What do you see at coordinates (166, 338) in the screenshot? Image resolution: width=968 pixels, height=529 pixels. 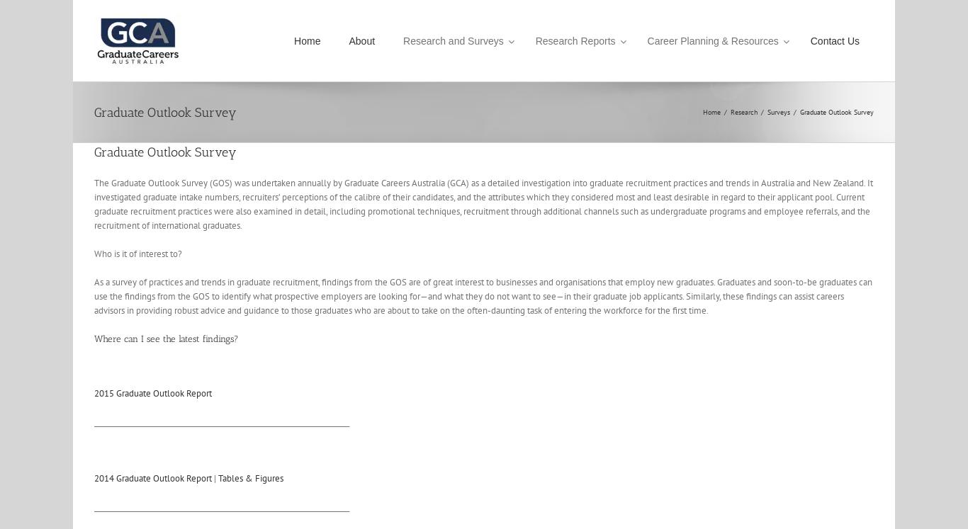 I see `'Where can I see the latest findings?'` at bounding box center [166, 338].